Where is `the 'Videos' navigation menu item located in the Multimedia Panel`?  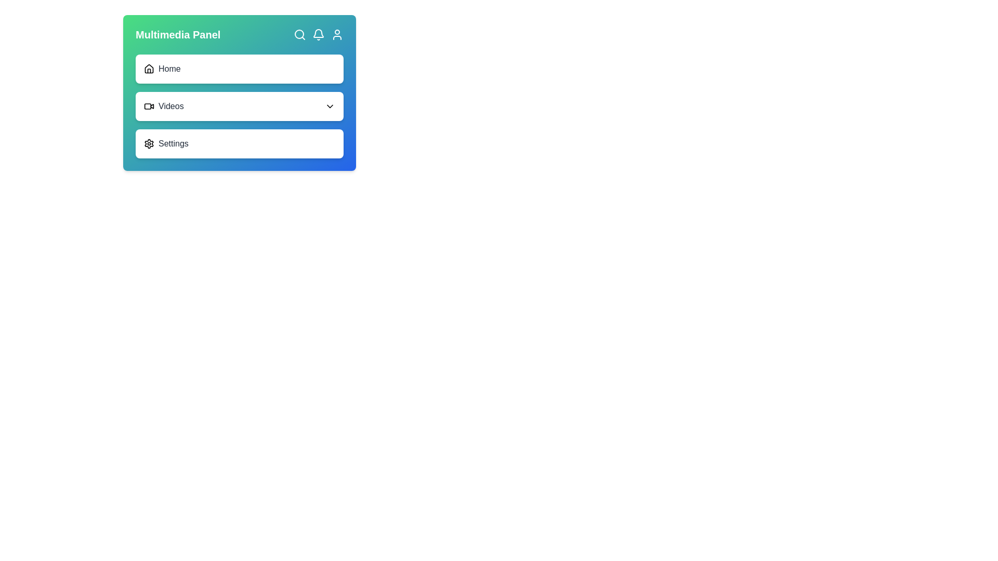
the 'Videos' navigation menu item located in the Multimedia Panel is located at coordinates (239, 106).